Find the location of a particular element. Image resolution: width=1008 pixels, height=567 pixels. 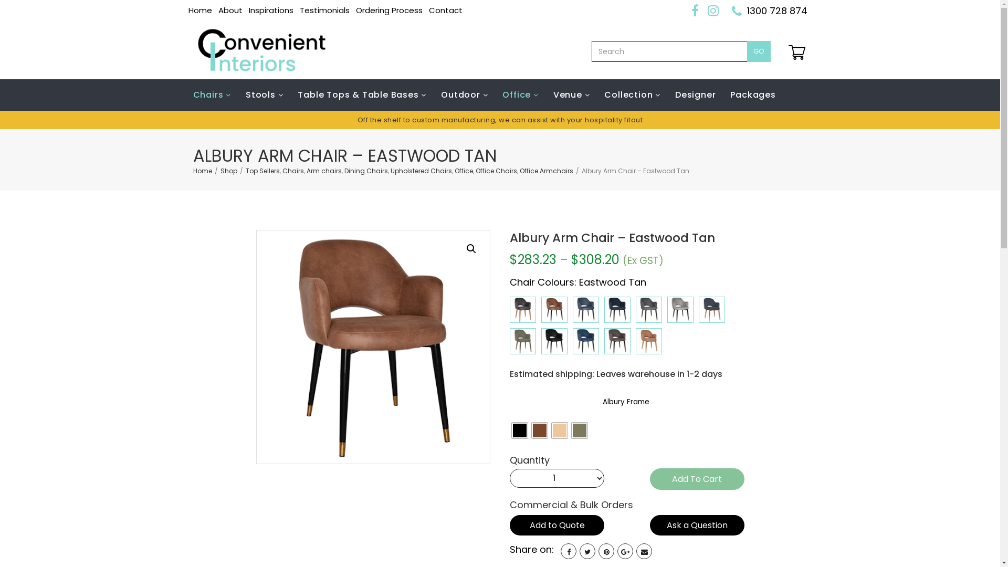

'Contact' is located at coordinates (445, 10).